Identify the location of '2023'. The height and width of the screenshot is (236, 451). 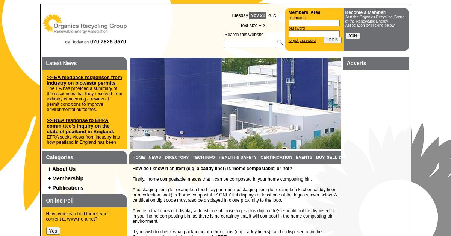
(272, 15).